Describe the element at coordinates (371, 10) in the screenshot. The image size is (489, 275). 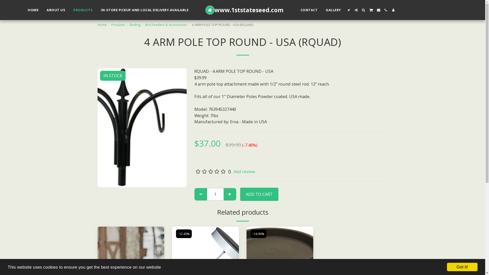
I see `' '` at that location.